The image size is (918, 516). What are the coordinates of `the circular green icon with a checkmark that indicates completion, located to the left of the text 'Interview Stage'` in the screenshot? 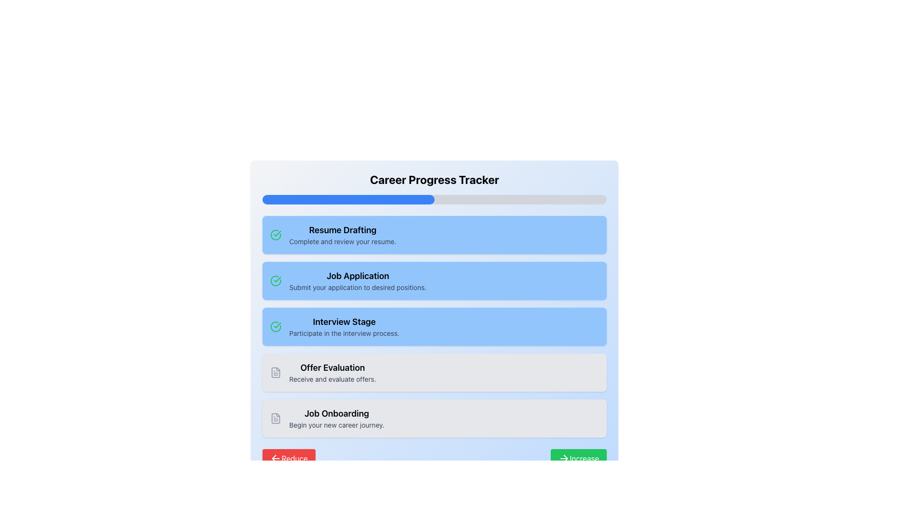 It's located at (275, 326).